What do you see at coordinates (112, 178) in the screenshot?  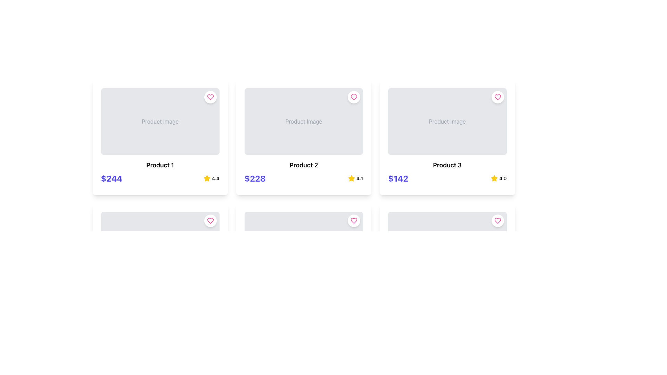 I see `text of the price label located at the lower left of the first card in a grid layout, directly beneath the card title 'Product 1'` at bounding box center [112, 178].